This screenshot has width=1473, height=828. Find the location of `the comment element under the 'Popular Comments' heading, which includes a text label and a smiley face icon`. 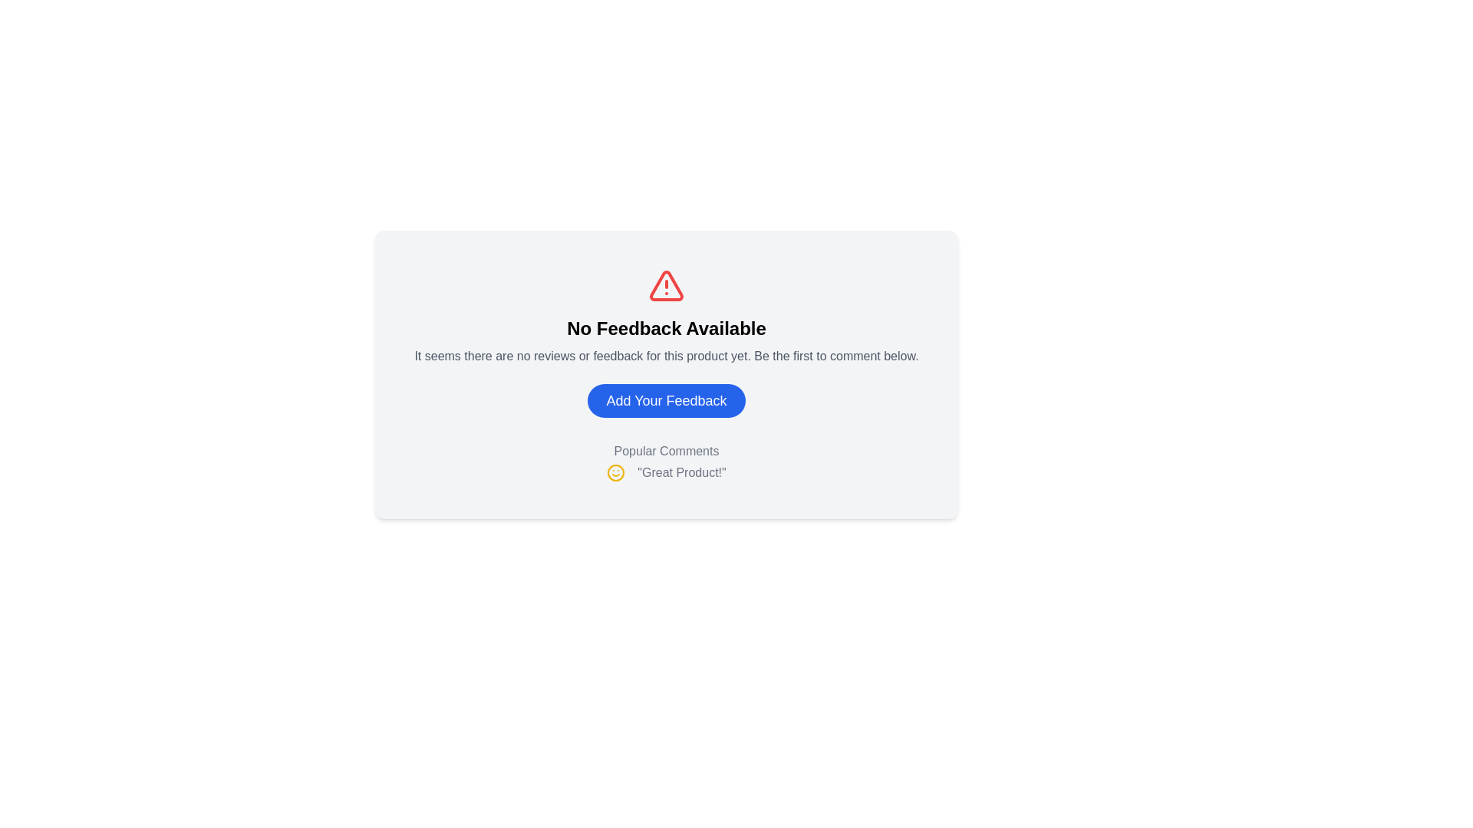

the comment element under the 'Popular Comments' heading, which includes a text label and a smiley face icon is located at coordinates (666, 472).